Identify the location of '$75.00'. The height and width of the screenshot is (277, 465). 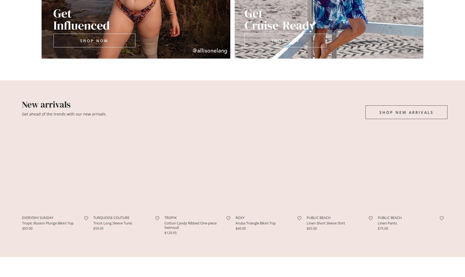
(382, 228).